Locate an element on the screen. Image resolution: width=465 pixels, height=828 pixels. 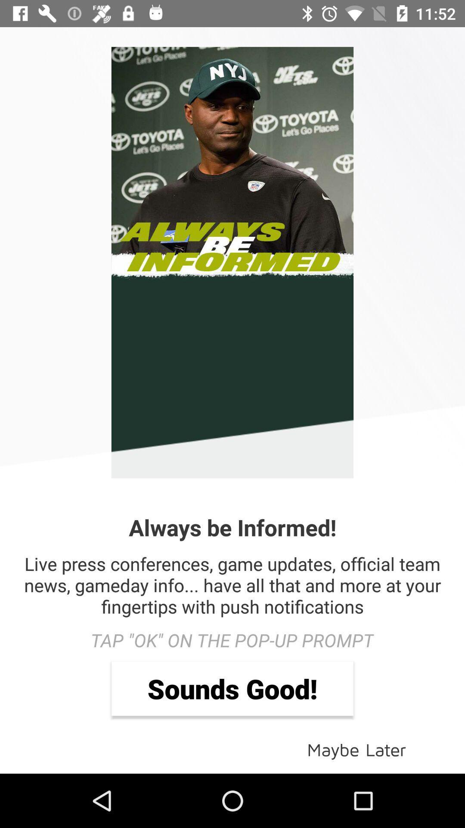
the item below the sounds good! icon is located at coordinates (356, 749).